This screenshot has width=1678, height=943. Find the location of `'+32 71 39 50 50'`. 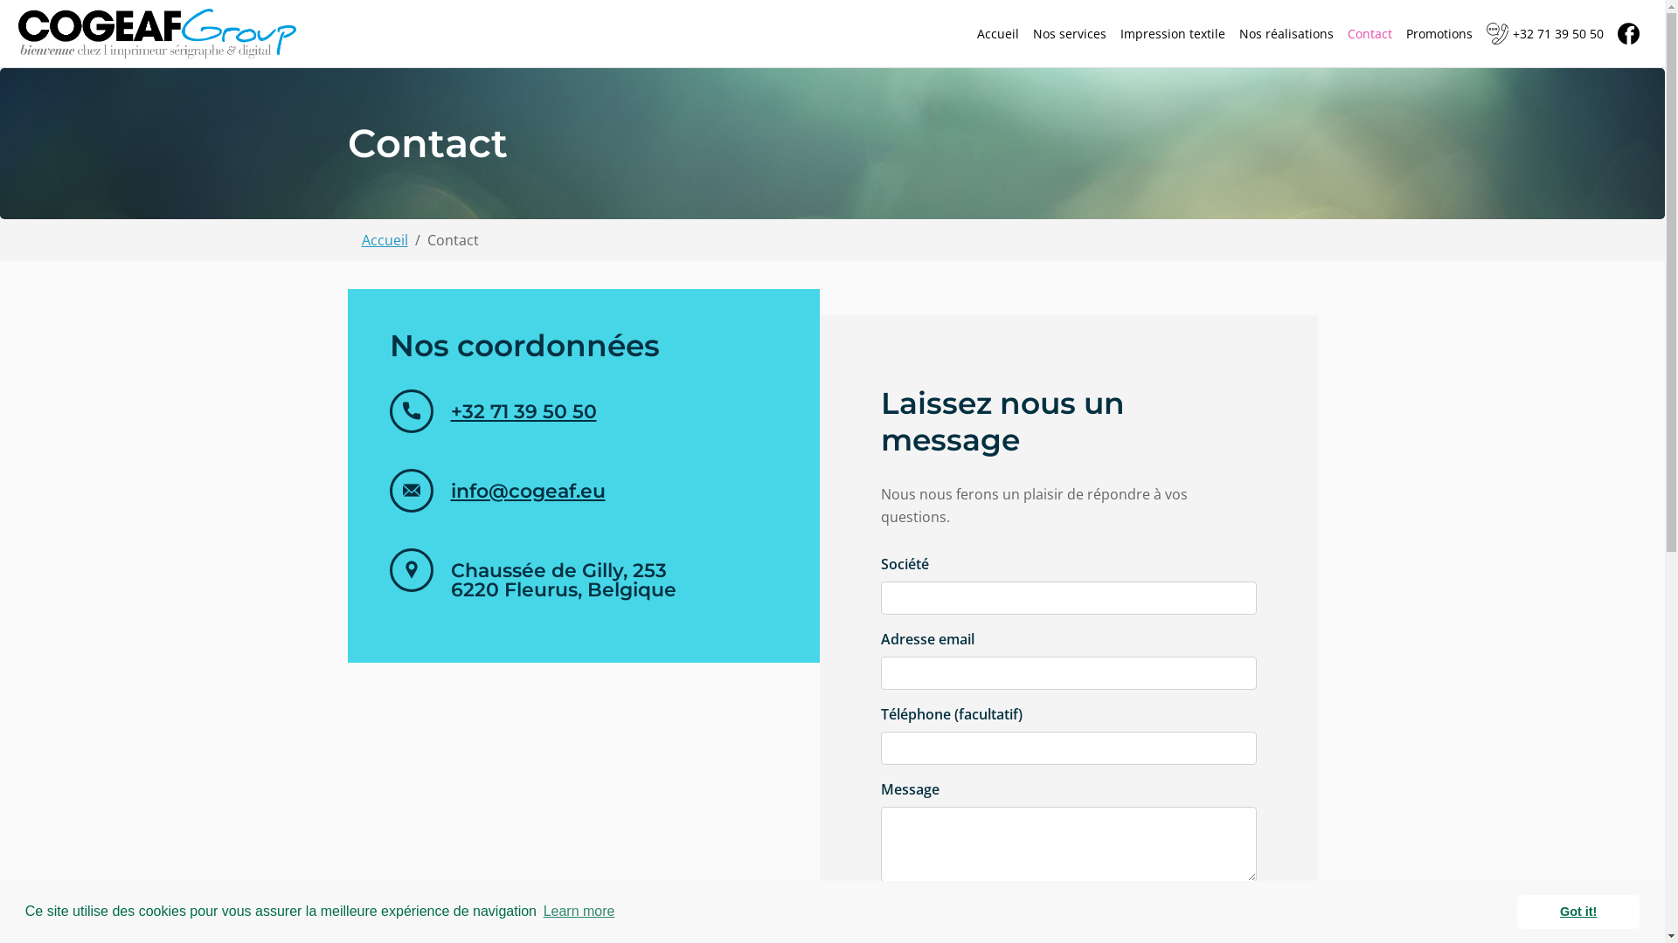

'+32 71 39 50 50' is located at coordinates (1544, 33).